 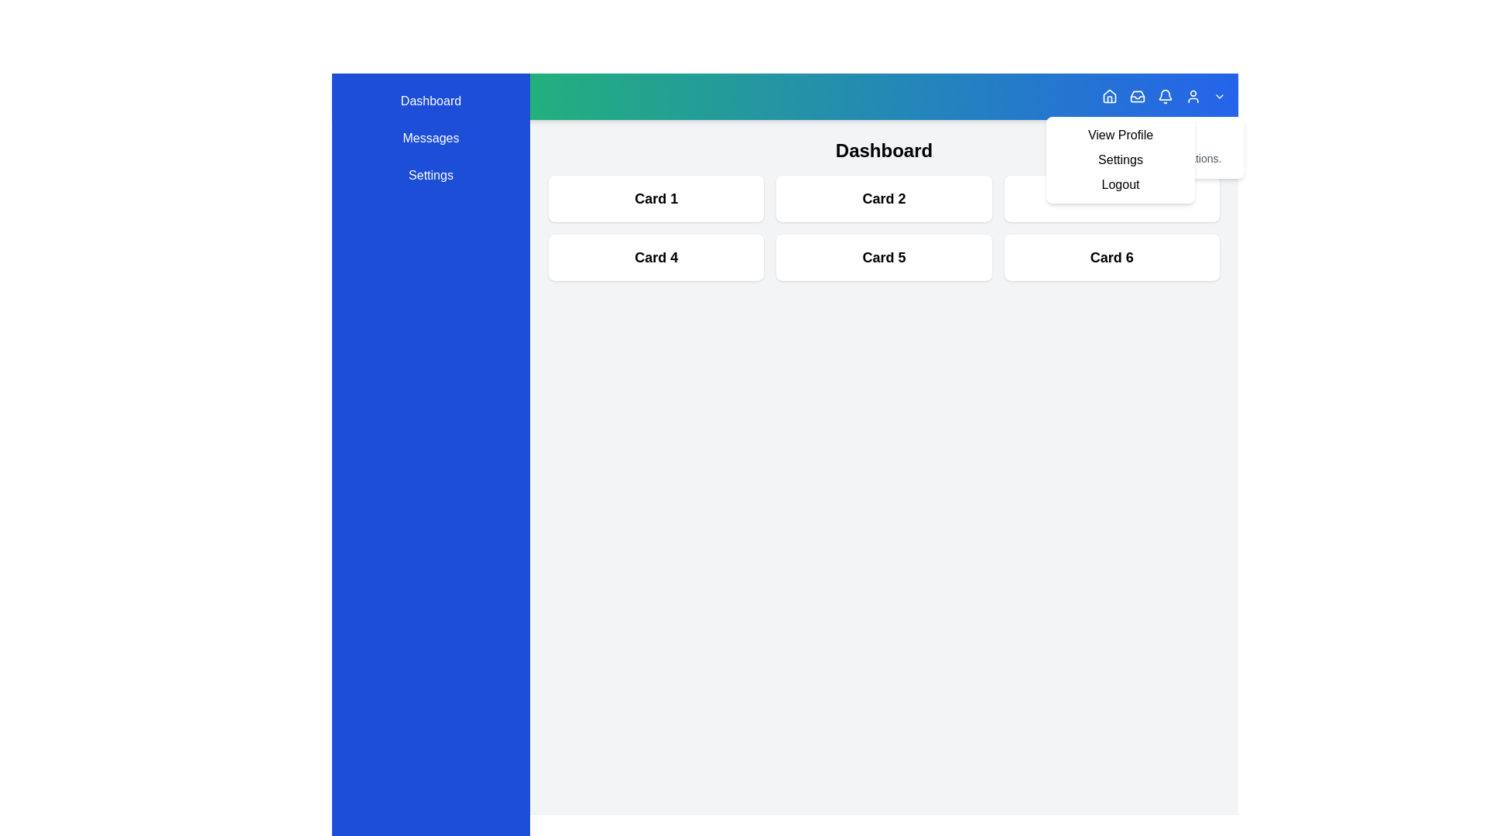 I want to click on the Static text element displaying 'Card 5', which is centrally located in the second row, middle column of a grid of six cards, so click(x=884, y=256).